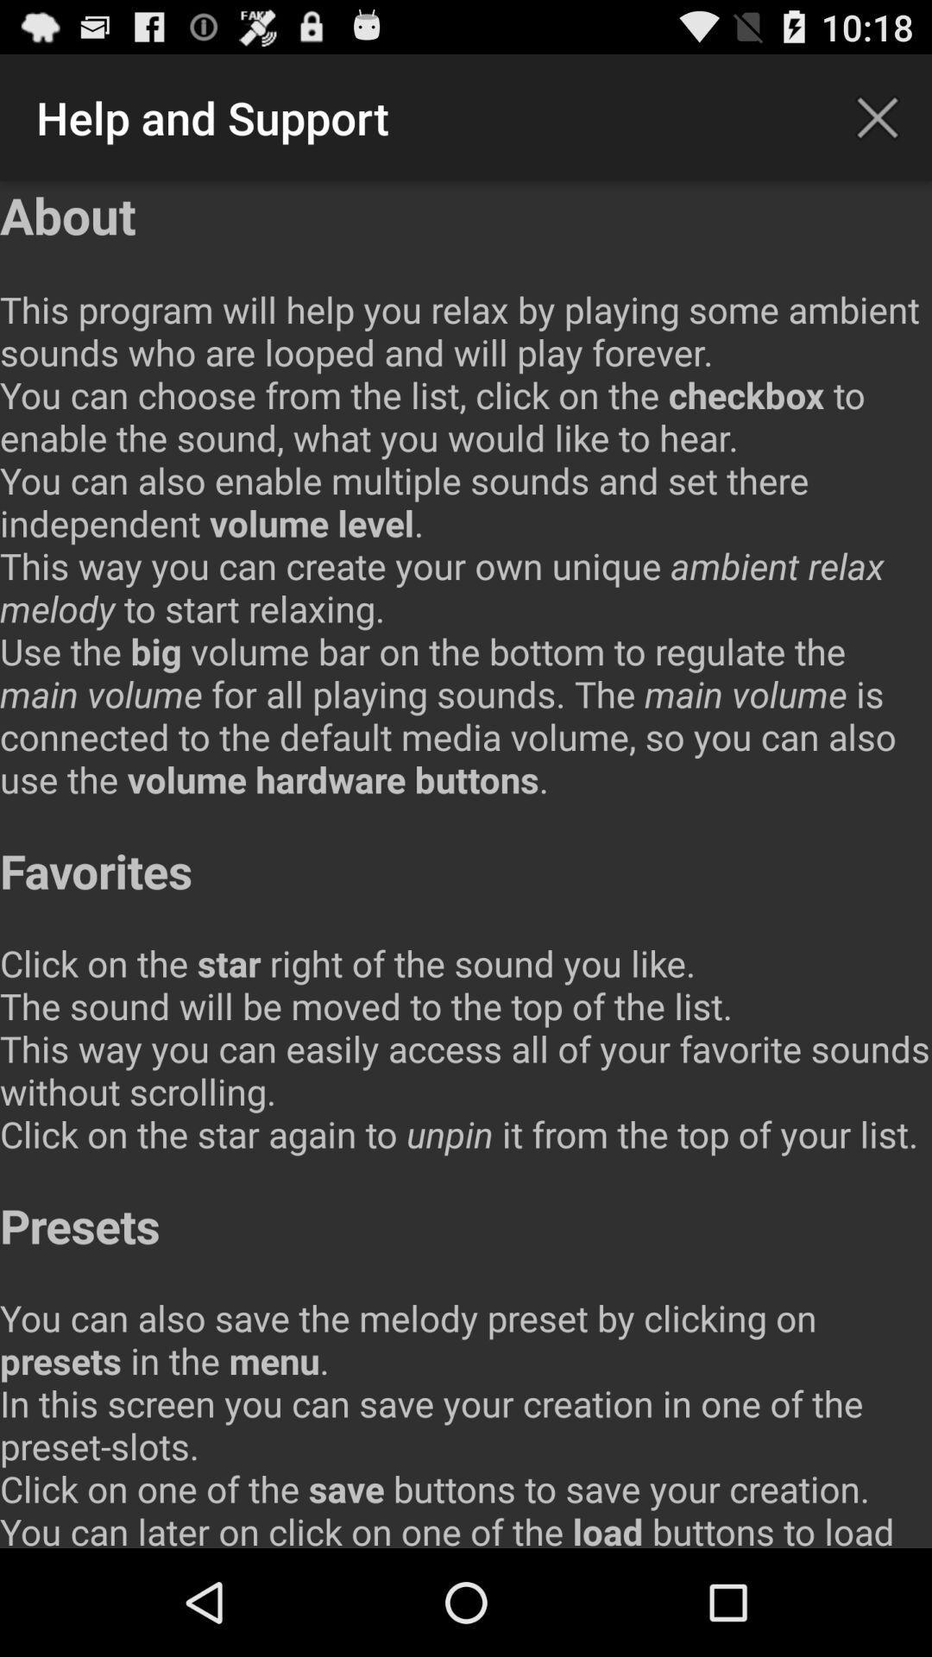 This screenshot has height=1657, width=932. Describe the element at coordinates (878, 117) in the screenshot. I see `app to the right of the help and support icon` at that location.